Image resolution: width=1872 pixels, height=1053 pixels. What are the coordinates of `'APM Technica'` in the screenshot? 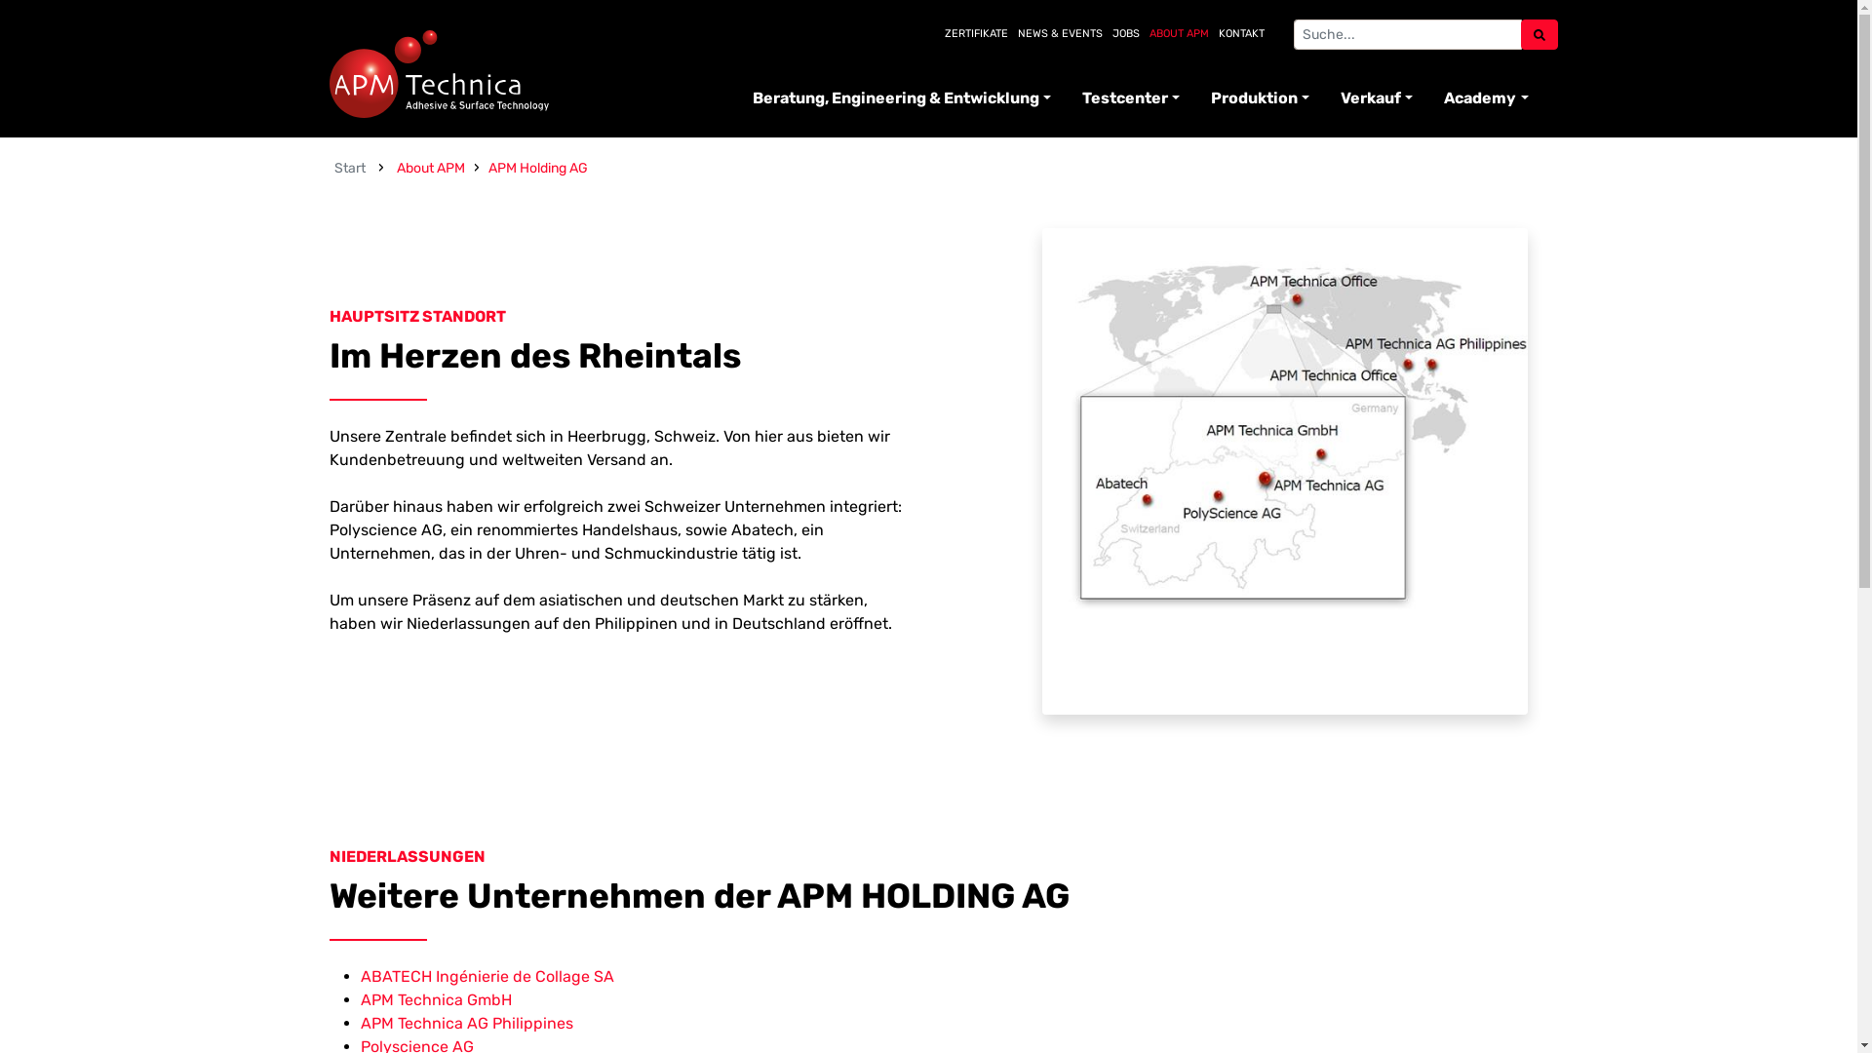 It's located at (438, 73).